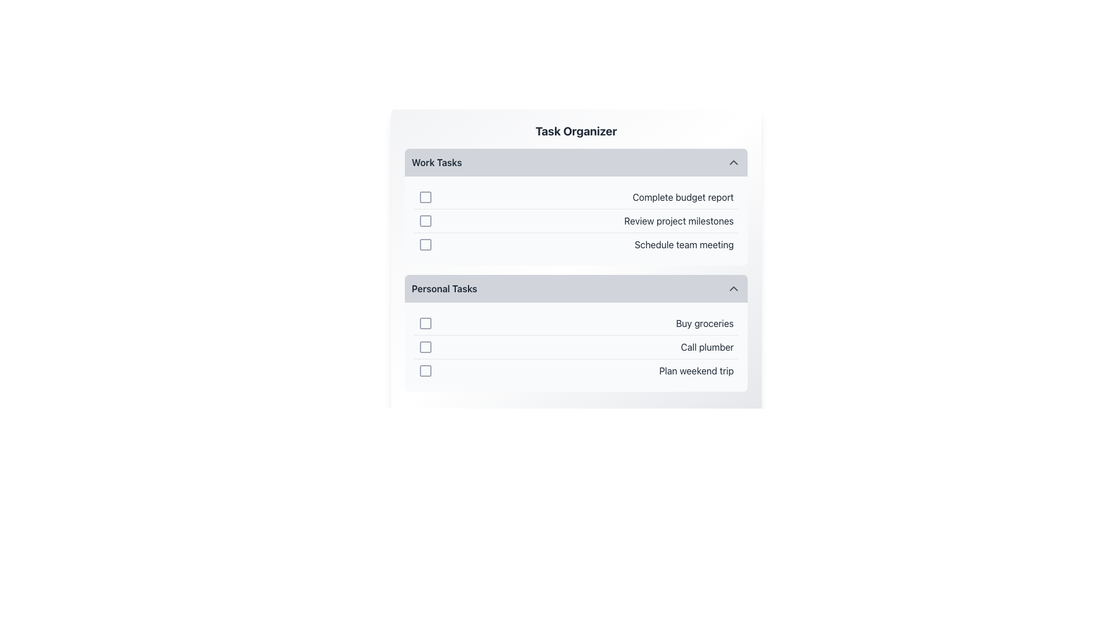  What do you see at coordinates (425, 323) in the screenshot?
I see `the unmarked checkbox located to the left of the text 'Buy groceries' in the 'Personal Tasks' section` at bounding box center [425, 323].